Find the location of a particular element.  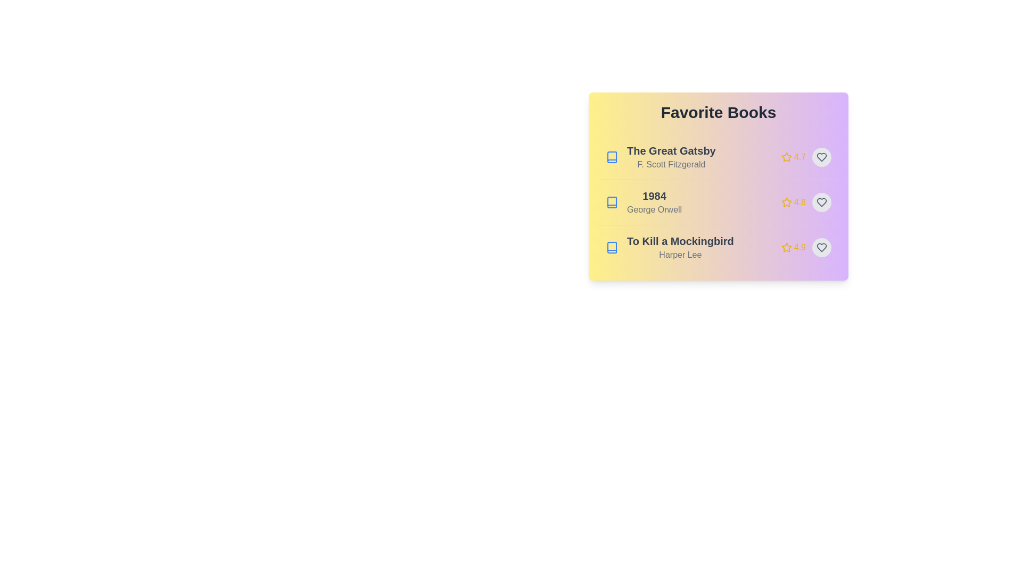

heart icon to toggle the 'liked' state of the book titled 1984 is located at coordinates (821, 202).